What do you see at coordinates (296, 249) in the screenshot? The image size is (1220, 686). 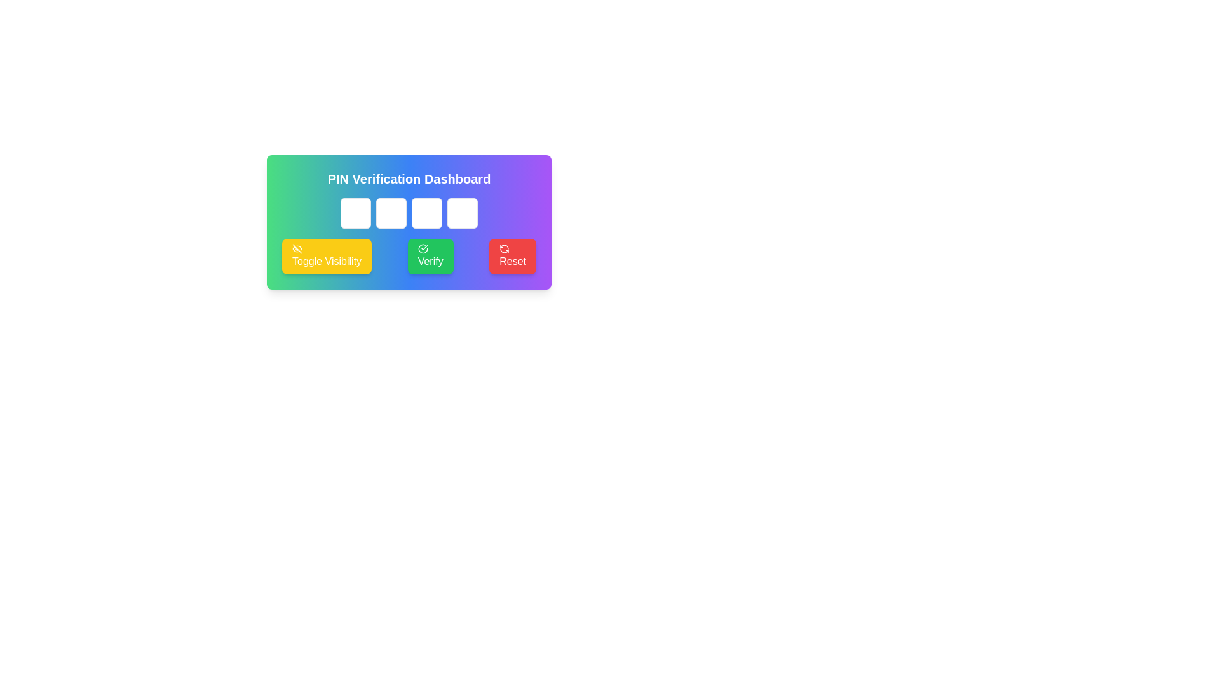 I see `the yellow 'Toggle Visibility' button located on the left side of the row of three buttons under the PIN input fields` at bounding box center [296, 249].